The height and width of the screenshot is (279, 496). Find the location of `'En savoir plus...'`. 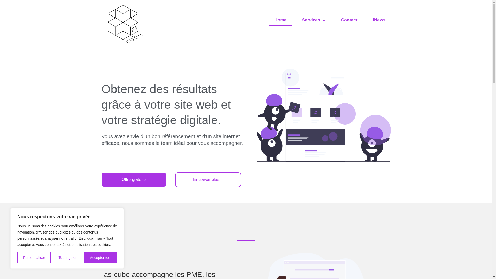

'En savoir plus...' is located at coordinates (208, 179).